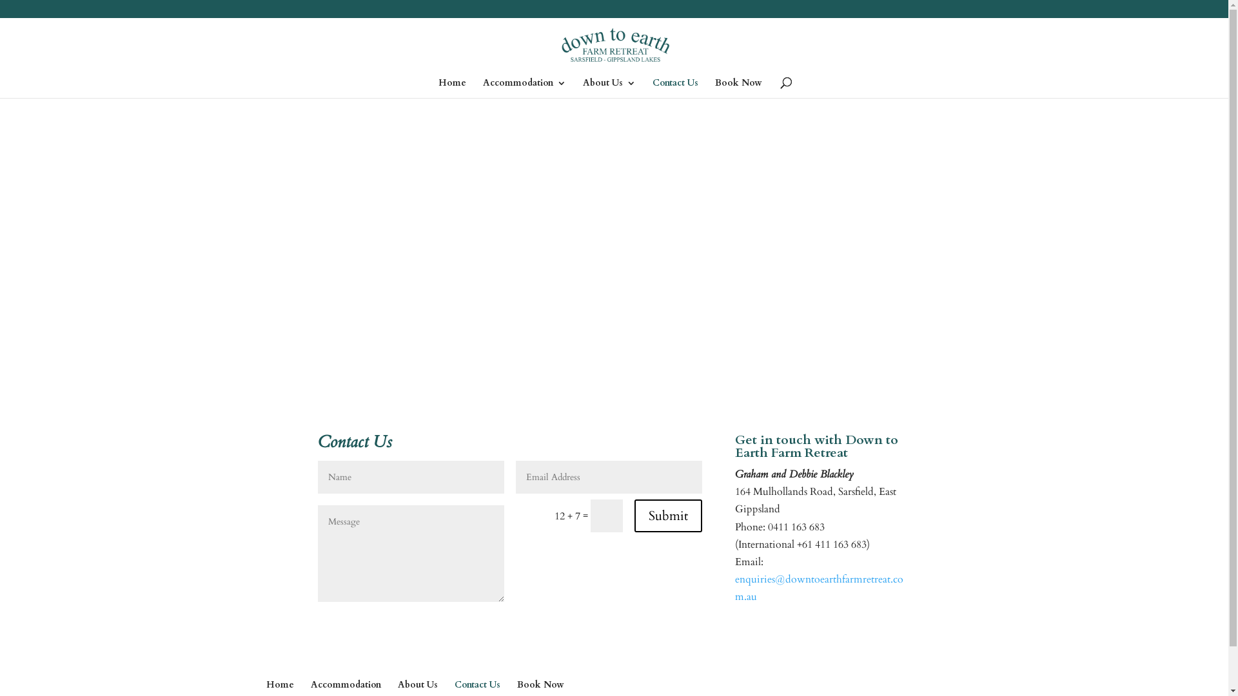 This screenshot has width=1238, height=696. Describe the element at coordinates (818, 588) in the screenshot. I see `'enquiries@downtoearthfarmretreat.com.au'` at that location.